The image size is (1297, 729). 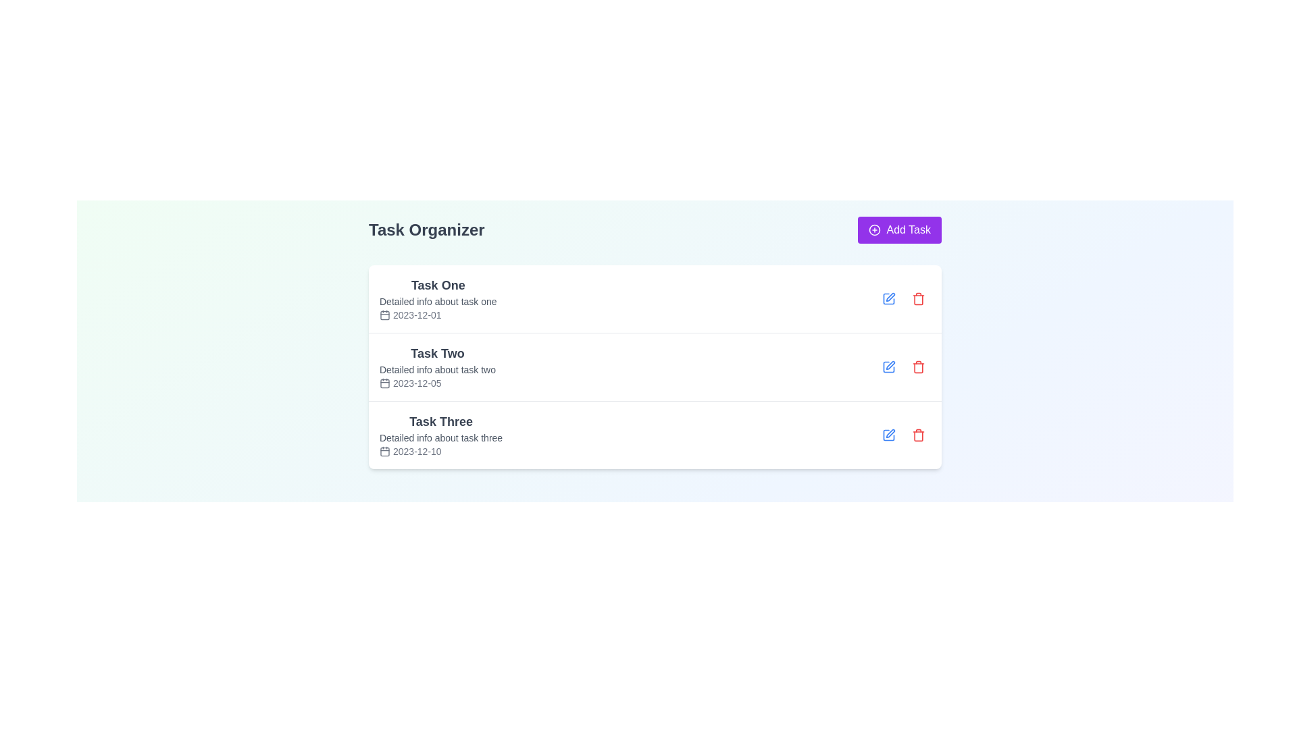 I want to click on the composite element containing the blue pencil icon and the red trash bin icon, which is located to the far-right of the 'Task Two' description and date, so click(x=904, y=367).